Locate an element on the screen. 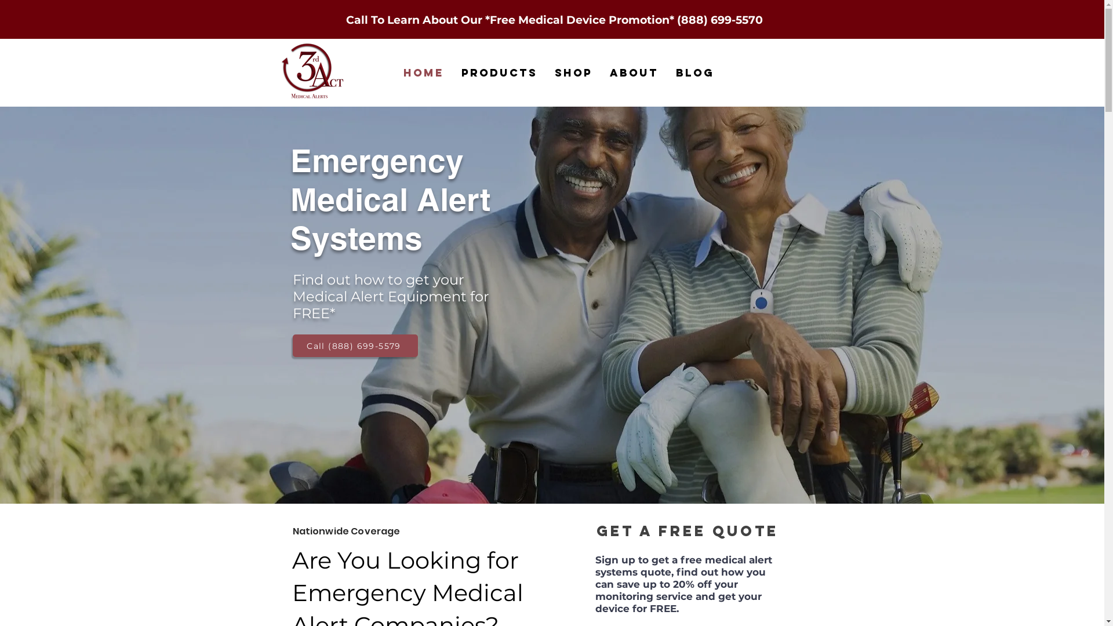  'Call (888) 699-5579' is located at coordinates (354, 345).